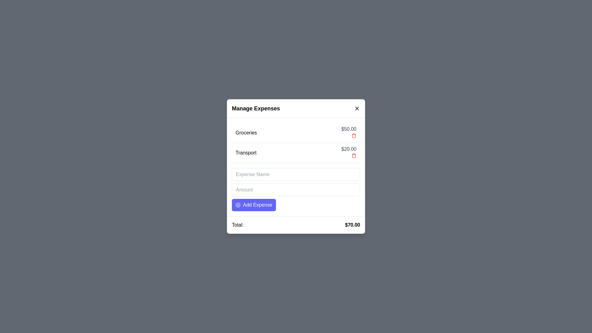 The width and height of the screenshot is (592, 333). I want to click on the red trash can icon button located to the right of '$50.00', so click(354, 135).